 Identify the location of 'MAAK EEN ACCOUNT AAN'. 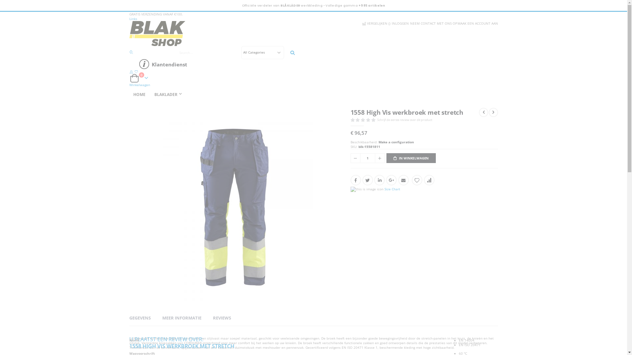
(477, 23).